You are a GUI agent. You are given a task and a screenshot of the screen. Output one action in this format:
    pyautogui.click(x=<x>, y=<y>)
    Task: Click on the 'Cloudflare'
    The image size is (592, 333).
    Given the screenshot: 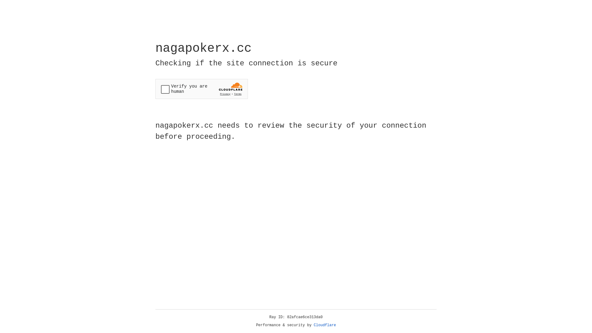 What is the action you would take?
    pyautogui.click(x=325, y=325)
    